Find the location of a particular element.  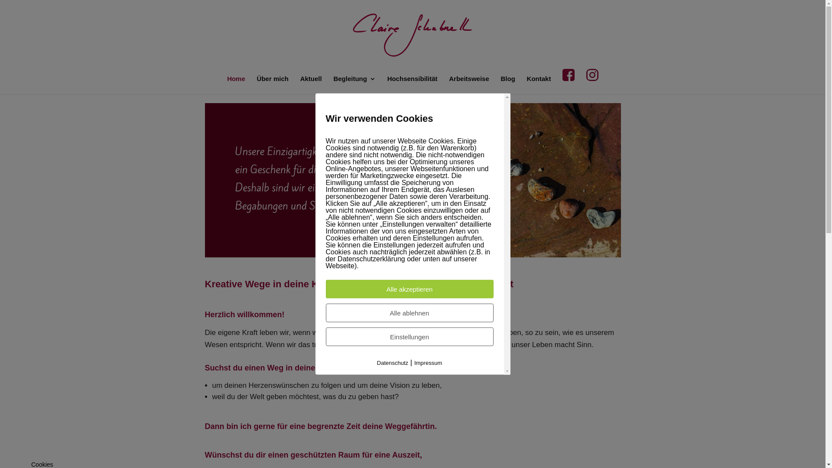

'Alle ablehnen' is located at coordinates (409, 313).